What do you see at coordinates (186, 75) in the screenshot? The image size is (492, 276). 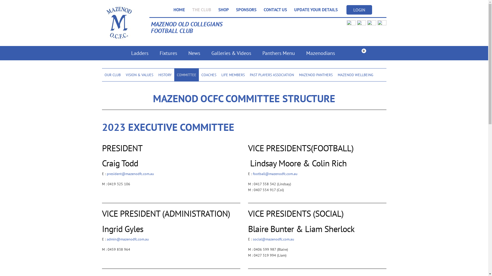 I see `'COMMITTEE'` at bounding box center [186, 75].